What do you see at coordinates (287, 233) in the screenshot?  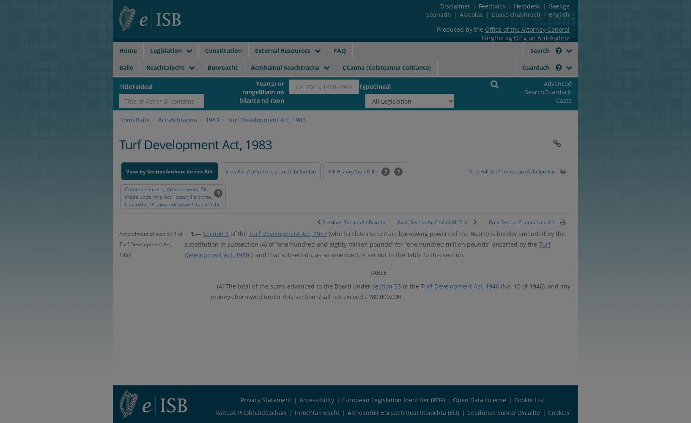 I see `'Turf Development Act, 1957'` at bounding box center [287, 233].